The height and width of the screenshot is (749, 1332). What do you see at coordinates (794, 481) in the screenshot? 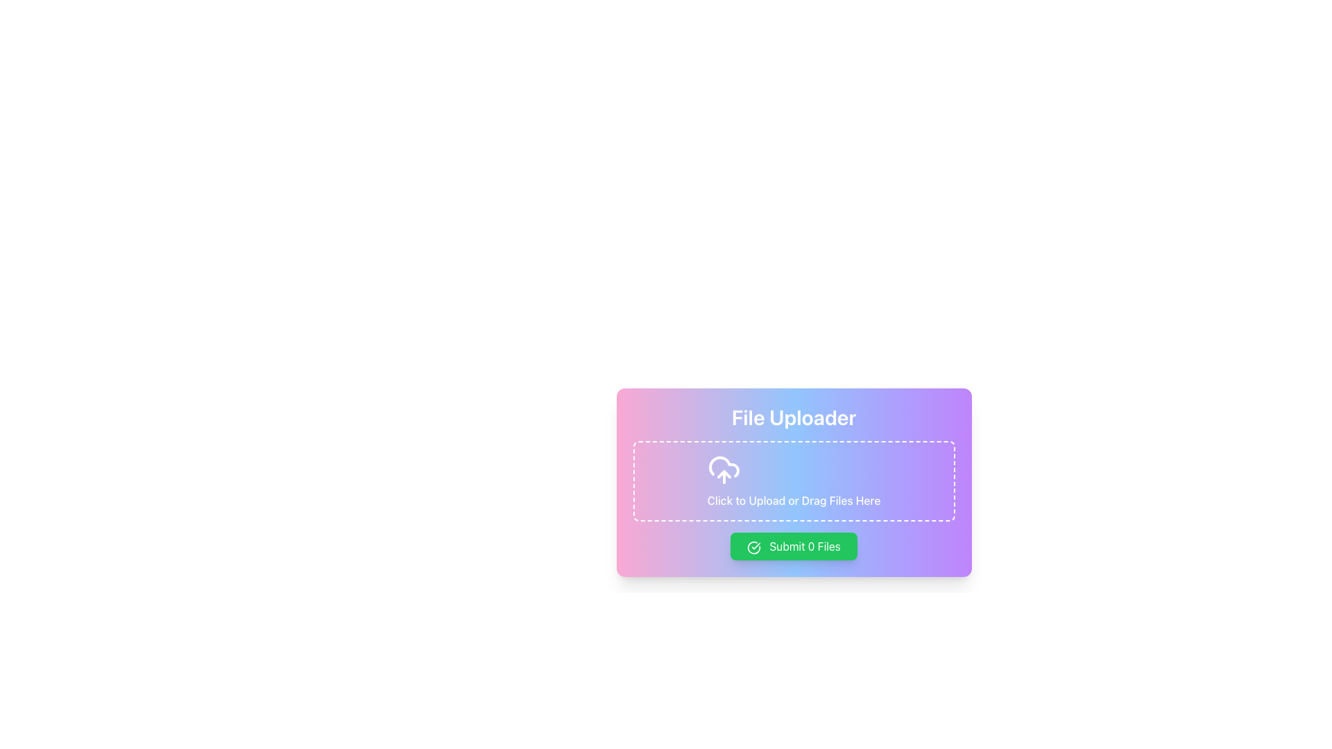
I see `the interactive file uploader area located below the title 'File Uploader' and above the green button labeled 'Submit 0 Files'` at bounding box center [794, 481].